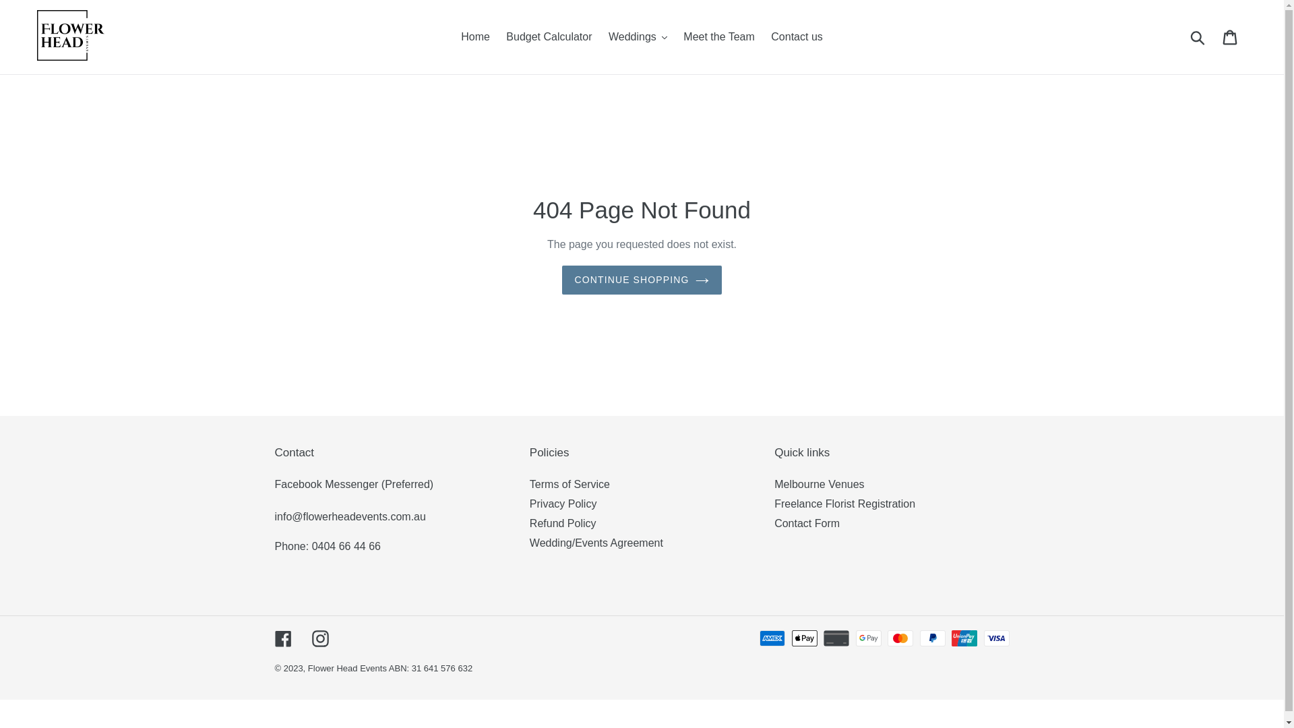 The height and width of the screenshot is (728, 1294). I want to click on 'Terms of Service', so click(569, 483).